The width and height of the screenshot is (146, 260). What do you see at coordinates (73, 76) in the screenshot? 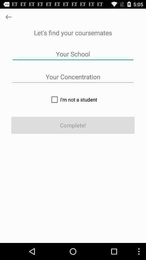
I see `the item above i m not checkbox` at bounding box center [73, 76].